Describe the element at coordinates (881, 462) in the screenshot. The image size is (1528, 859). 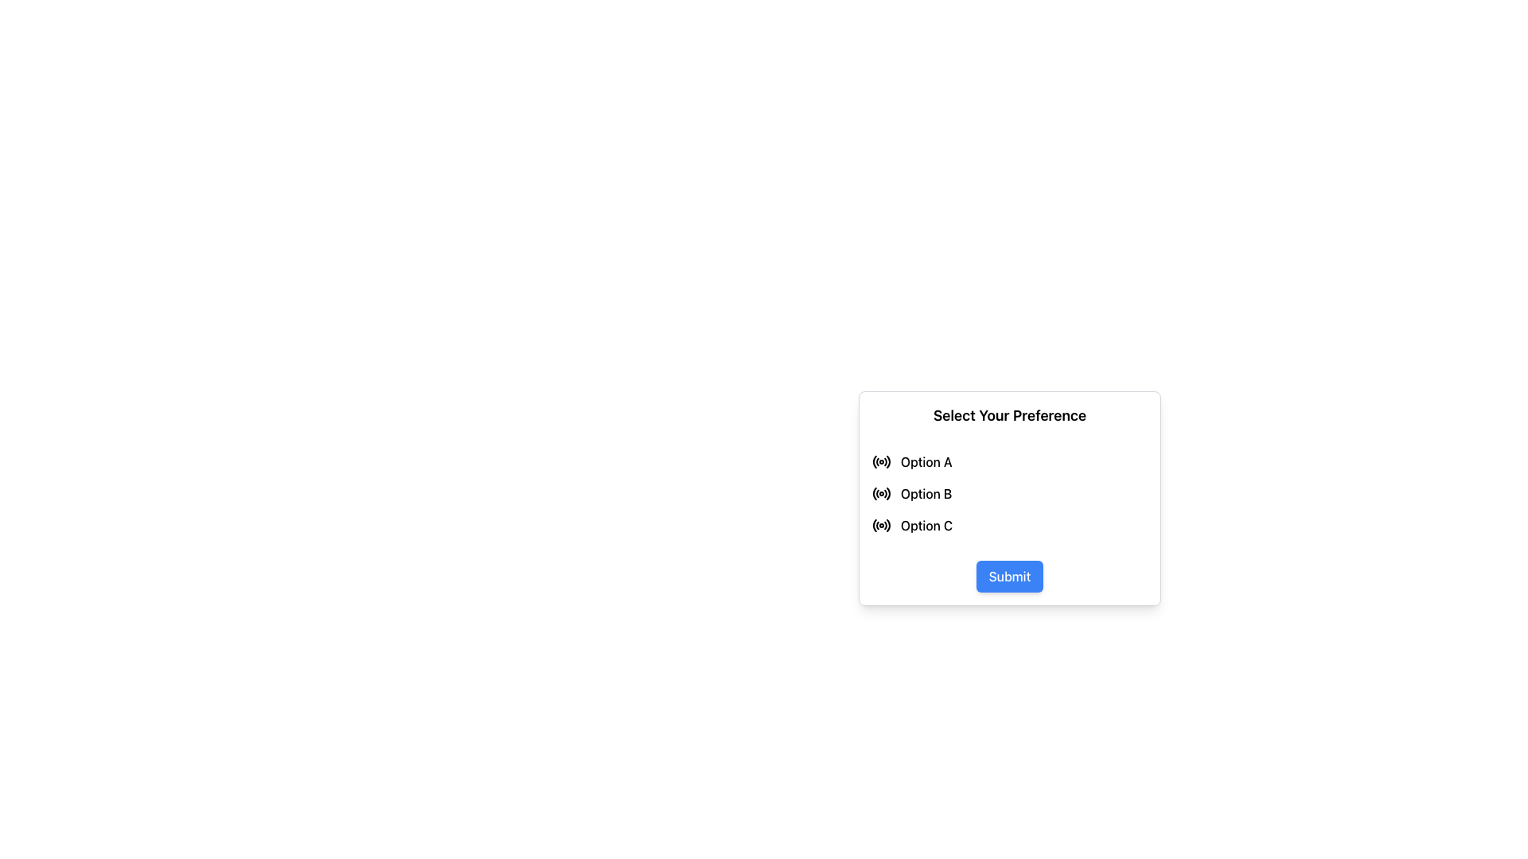
I see `the selected radio button for 'Option A', which is a circular SVG styled radio button indicating a selected state` at that location.